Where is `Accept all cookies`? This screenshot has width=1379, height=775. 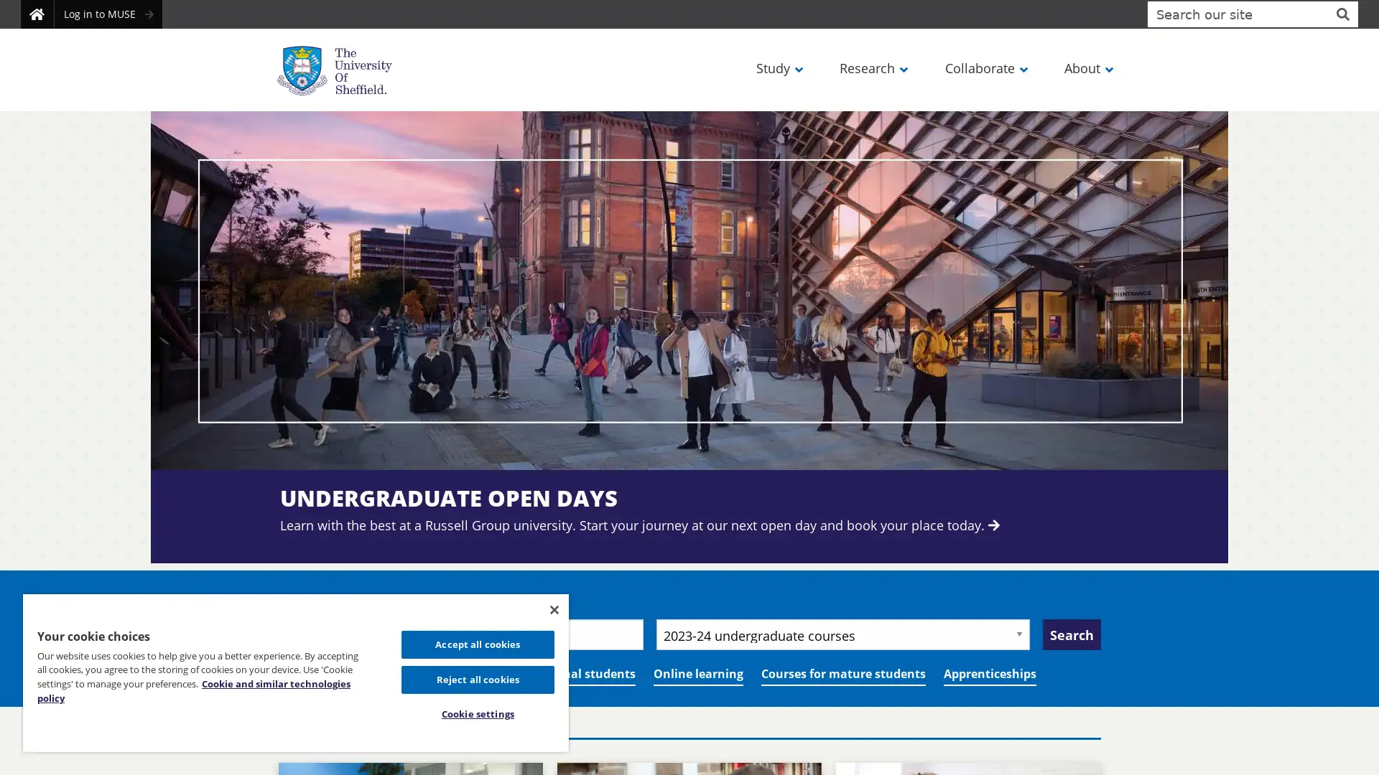 Accept all cookies is located at coordinates (477, 643).